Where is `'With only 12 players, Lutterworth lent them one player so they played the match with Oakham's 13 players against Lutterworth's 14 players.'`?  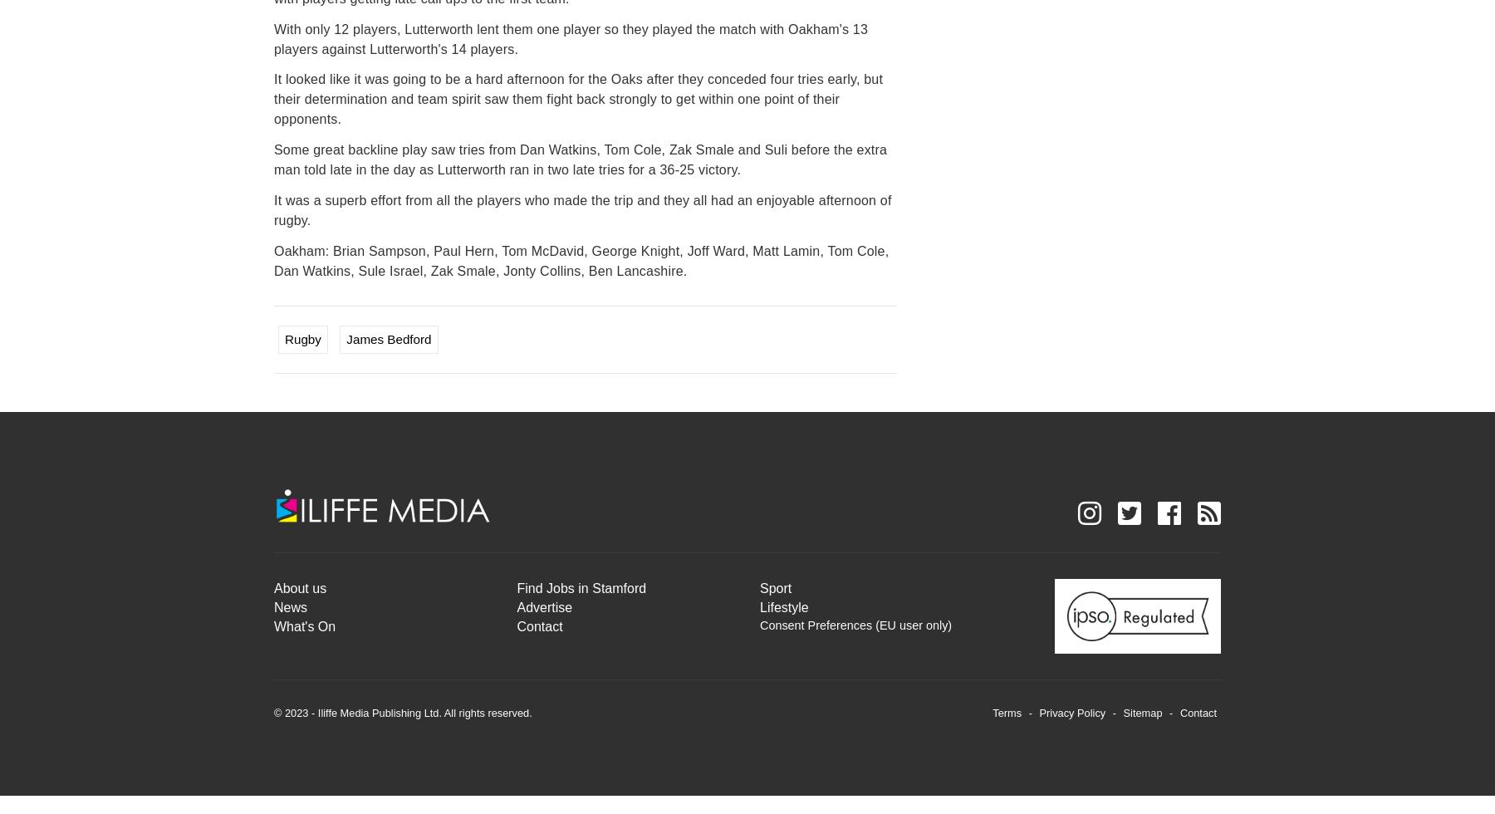 'With only 12 players, Lutterworth lent them one player so they played the match with Oakham's 13 players against Lutterworth's 14 players.' is located at coordinates (570, 38).